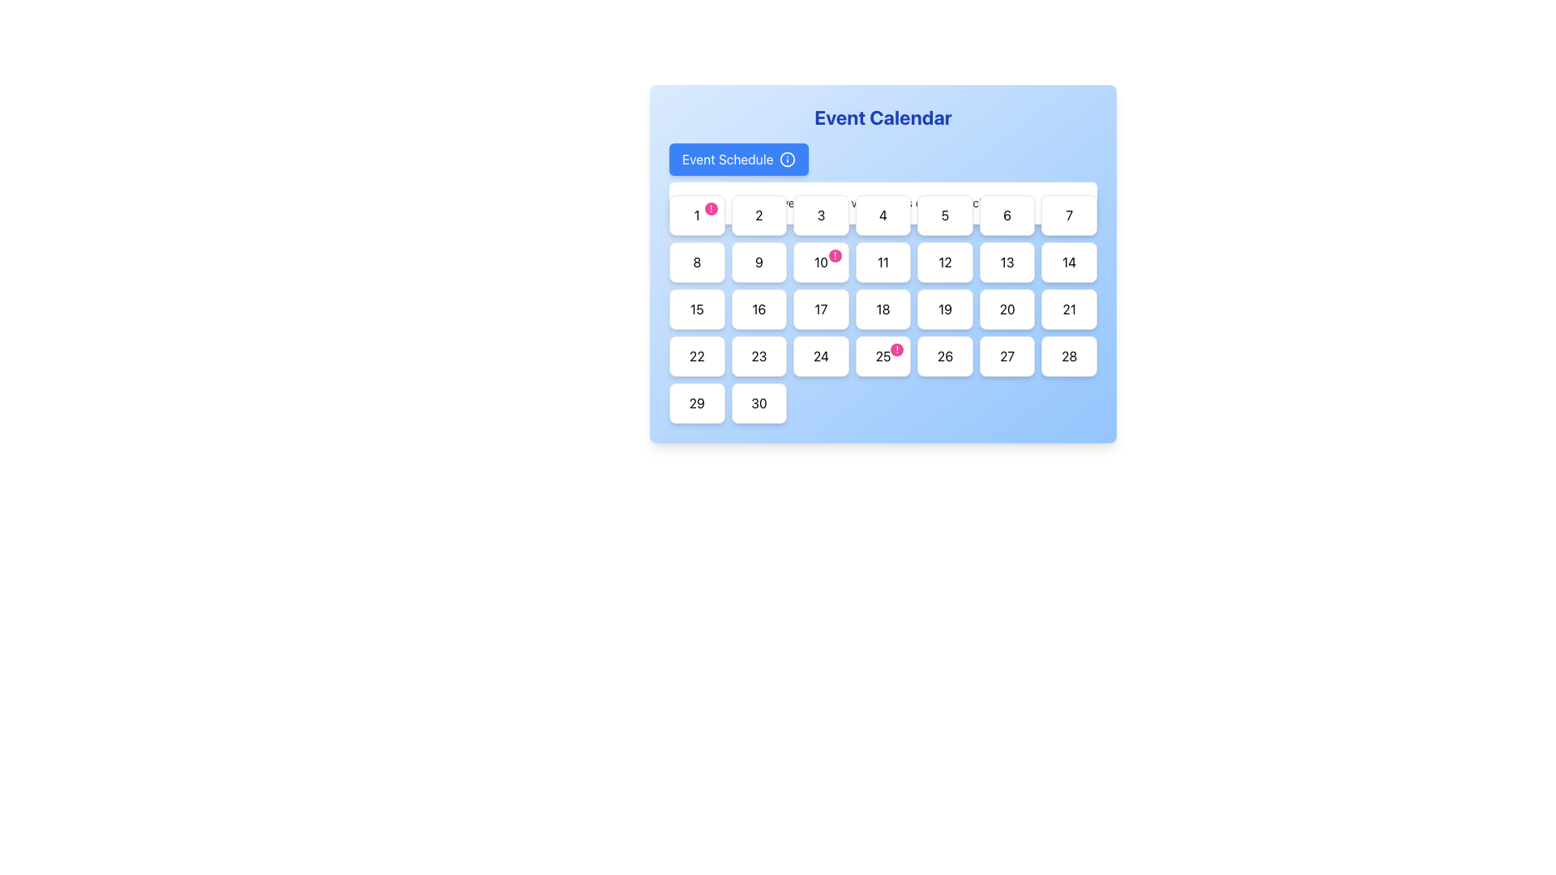  I want to click on the rectangular button with rounded corners, white background, and the numeral '7' centered, located in the first row and last column of the grid layout, so click(1069, 215).